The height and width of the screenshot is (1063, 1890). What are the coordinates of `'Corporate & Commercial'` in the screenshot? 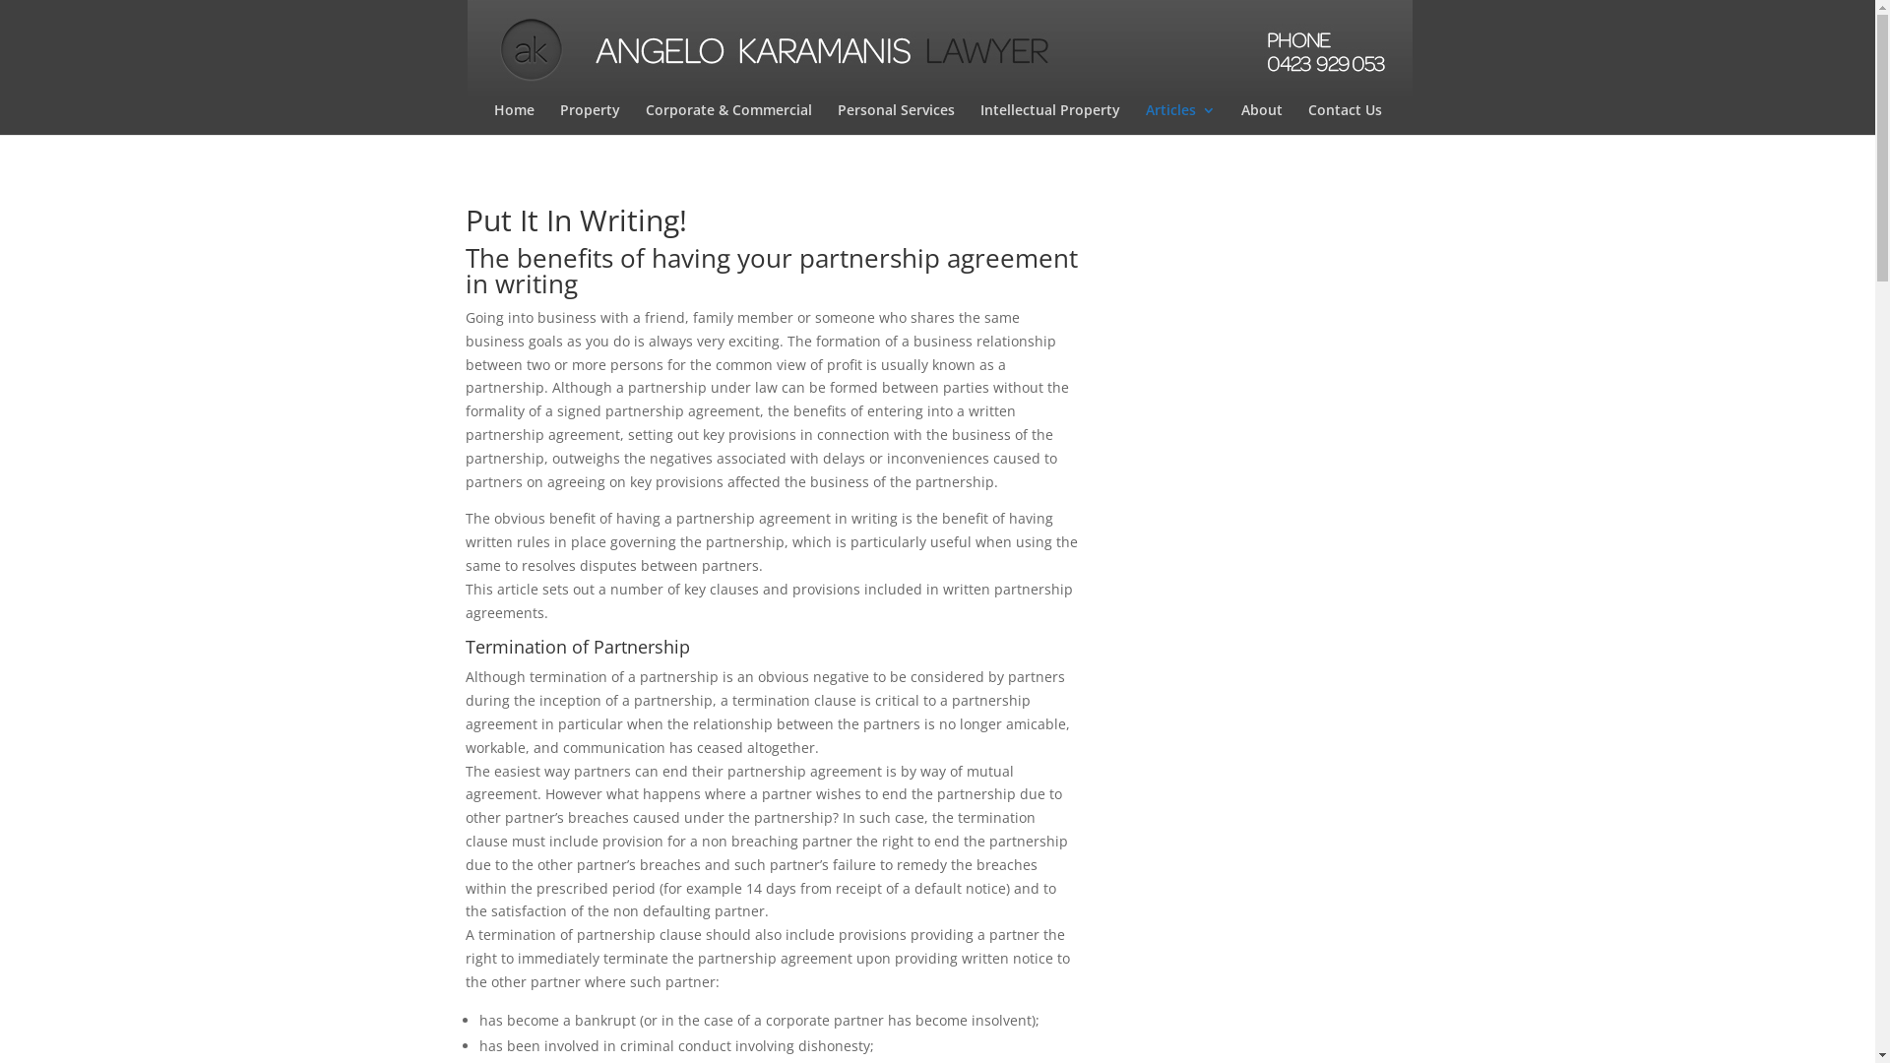 It's located at (646, 118).